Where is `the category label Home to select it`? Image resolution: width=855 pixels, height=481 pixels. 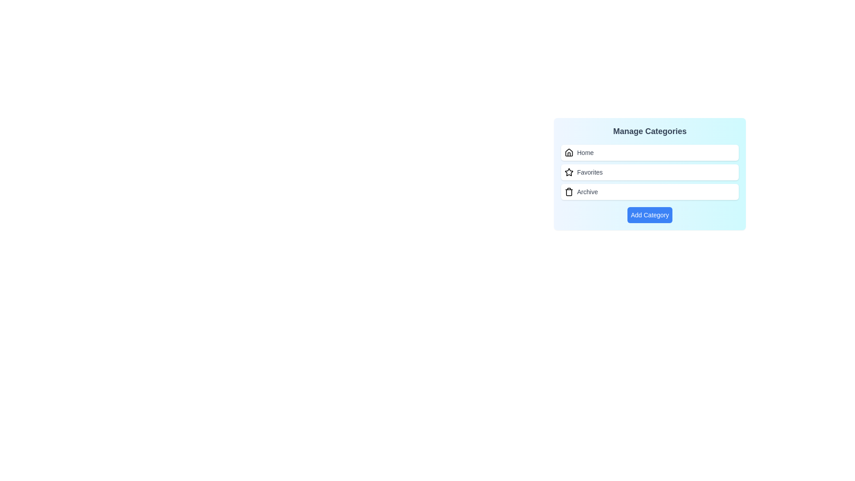
the category label Home to select it is located at coordinates (585, 152).